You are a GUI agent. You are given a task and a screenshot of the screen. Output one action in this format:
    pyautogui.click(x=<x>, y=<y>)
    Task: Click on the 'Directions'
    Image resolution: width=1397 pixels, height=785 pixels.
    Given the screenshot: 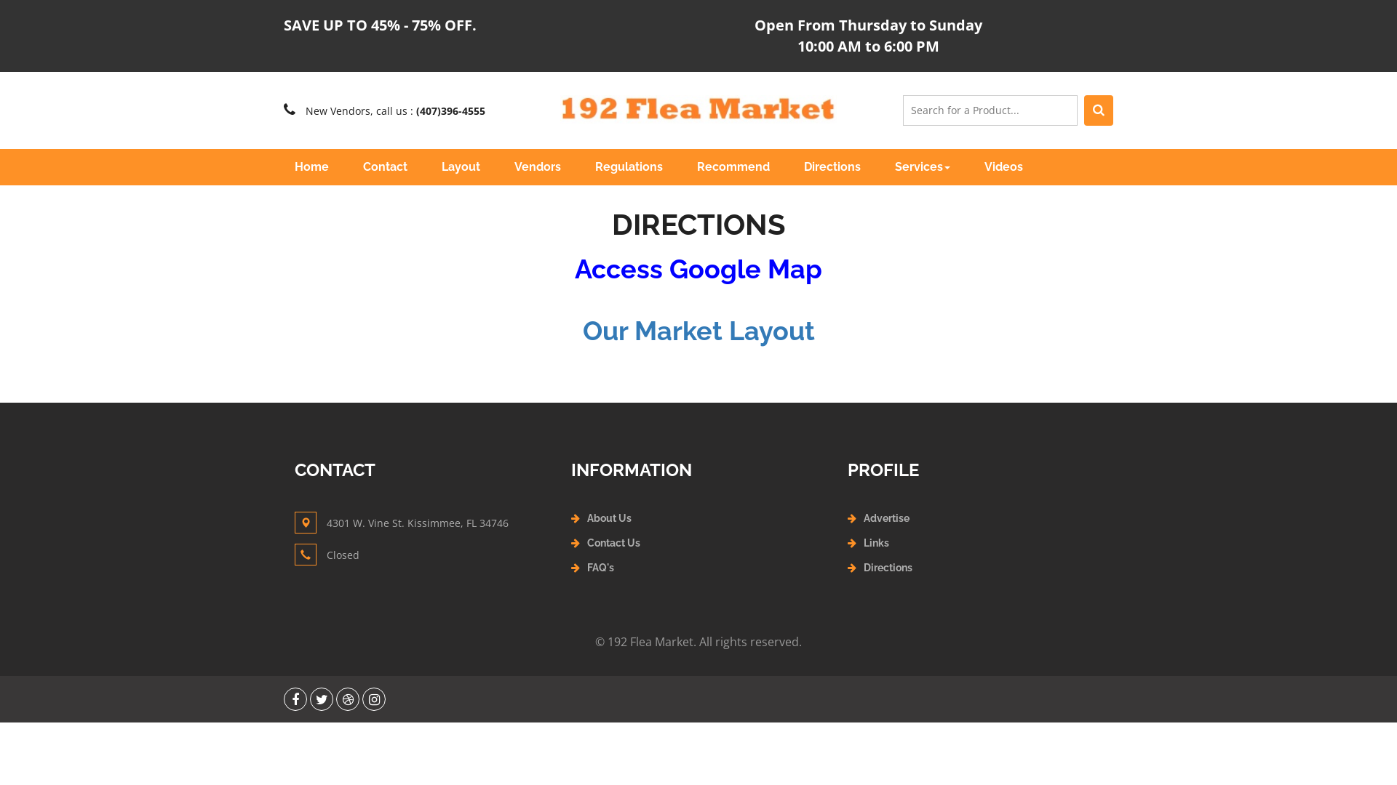 What is the action you would take?
    pyautogui.click(x=792, y=166)
    